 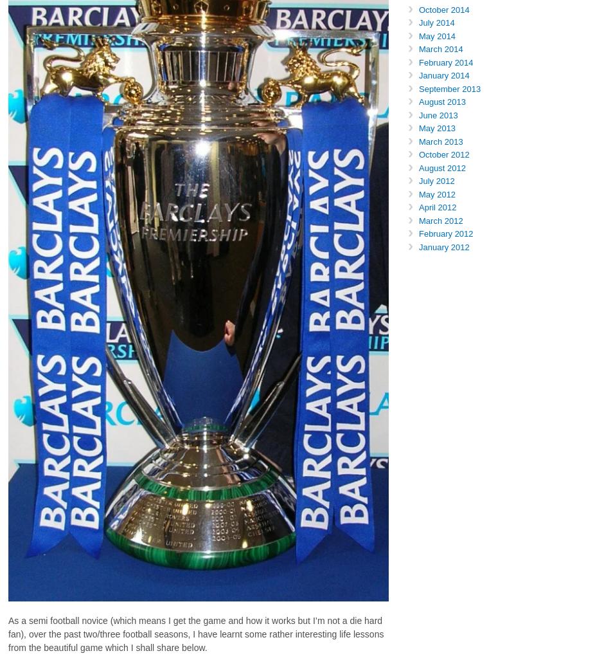 I want to click on 'August 2012', so click(x=441, y=167).